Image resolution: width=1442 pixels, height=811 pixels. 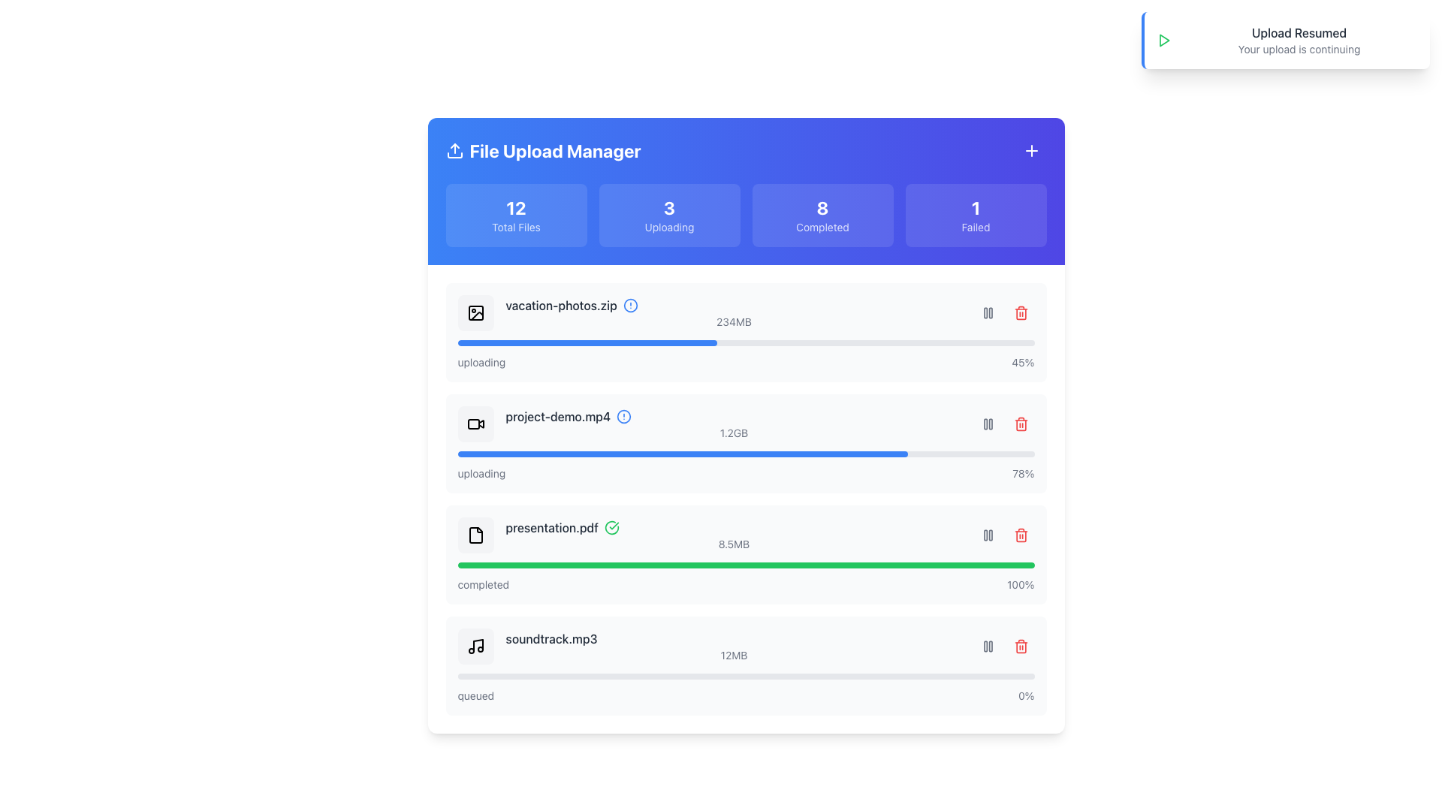 I want to click on the Progress Bar indicating the upload progress of the file 'vacation-photos.zip', so click(x=746, y=342).